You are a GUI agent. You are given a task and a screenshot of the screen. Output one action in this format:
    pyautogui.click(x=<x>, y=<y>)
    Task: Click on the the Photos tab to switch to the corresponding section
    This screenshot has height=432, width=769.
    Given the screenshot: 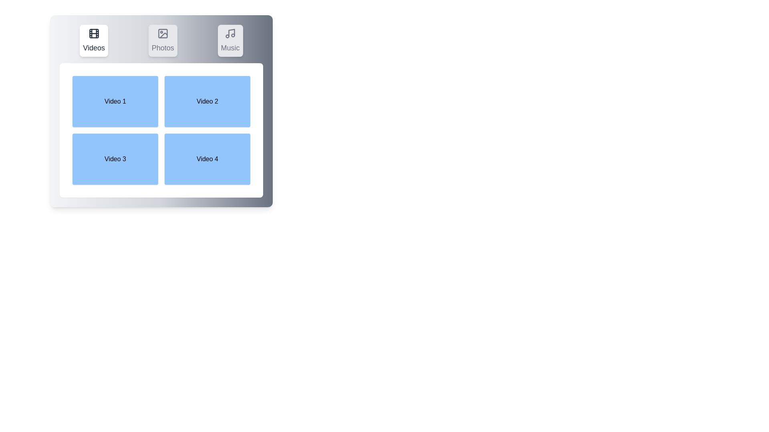 What is the action you would take?
    pyautogui.click(x=162, y=40)
    